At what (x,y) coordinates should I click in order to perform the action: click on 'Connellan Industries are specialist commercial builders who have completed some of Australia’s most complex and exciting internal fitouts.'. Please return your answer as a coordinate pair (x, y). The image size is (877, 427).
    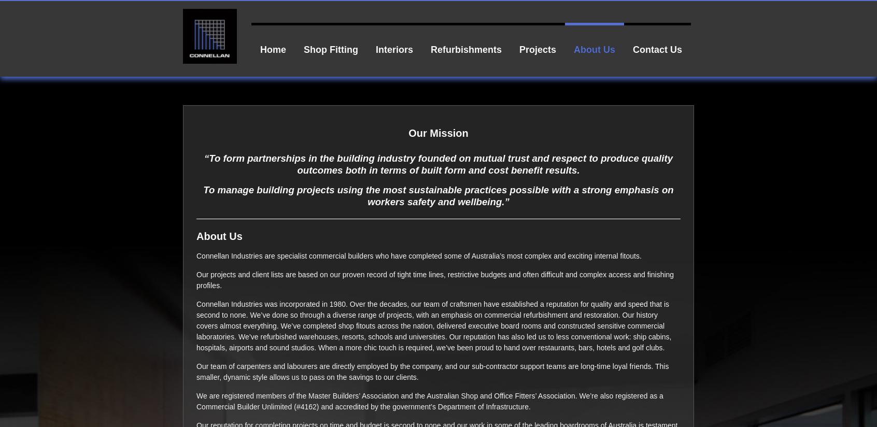
    Looking at the image, I should click on (196, 254).